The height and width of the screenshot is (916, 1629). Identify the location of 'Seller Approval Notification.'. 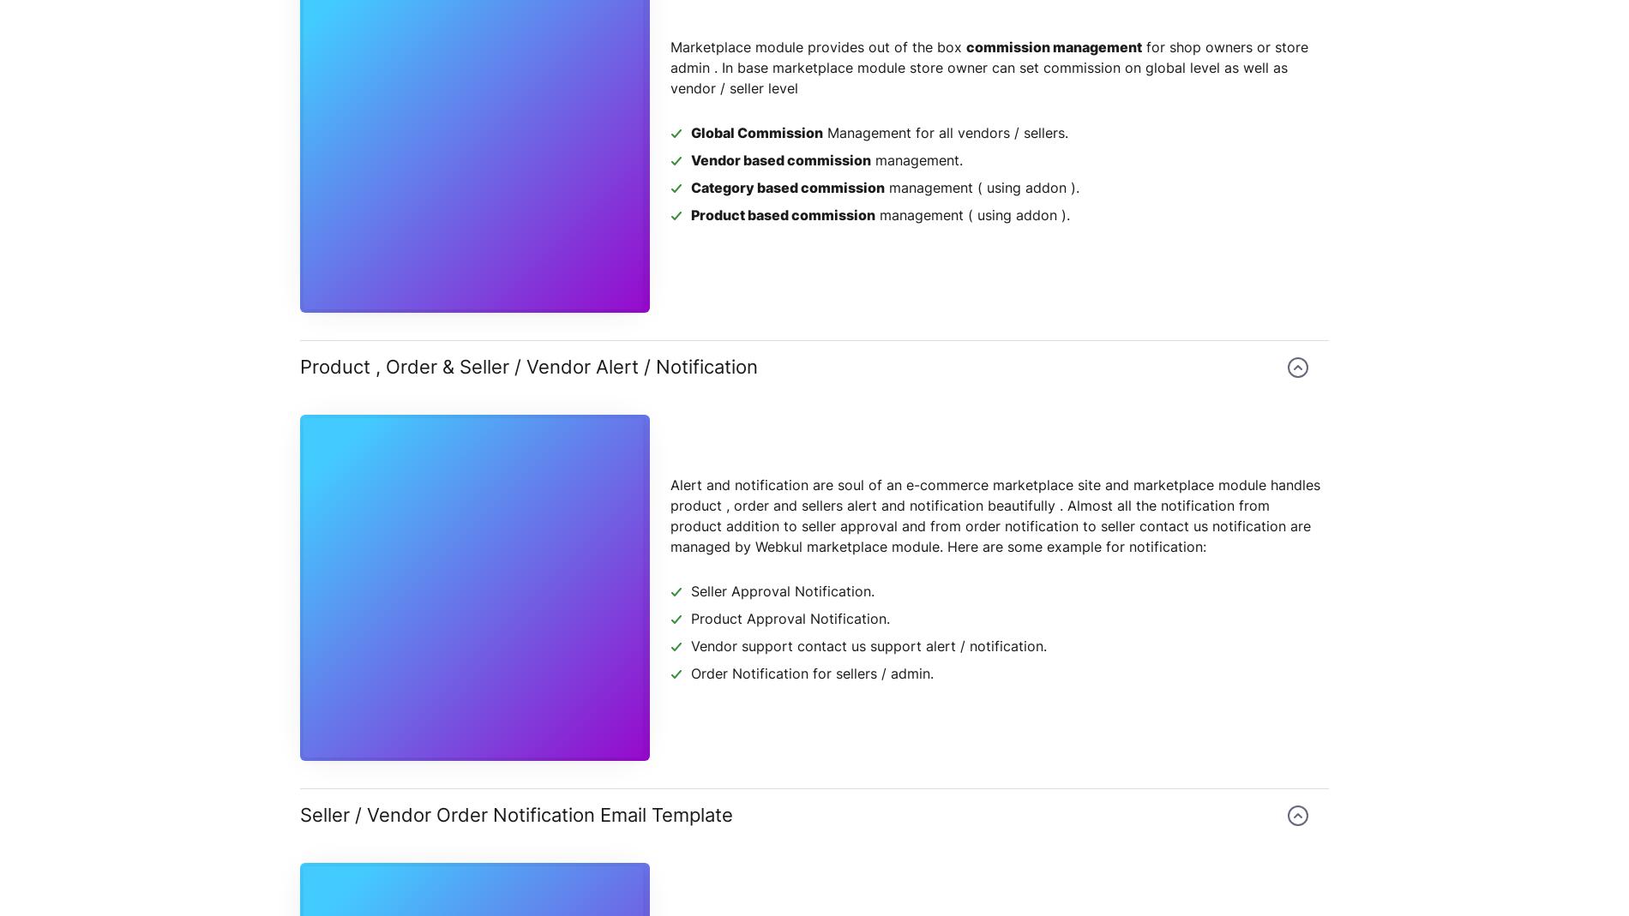
(781, 590).